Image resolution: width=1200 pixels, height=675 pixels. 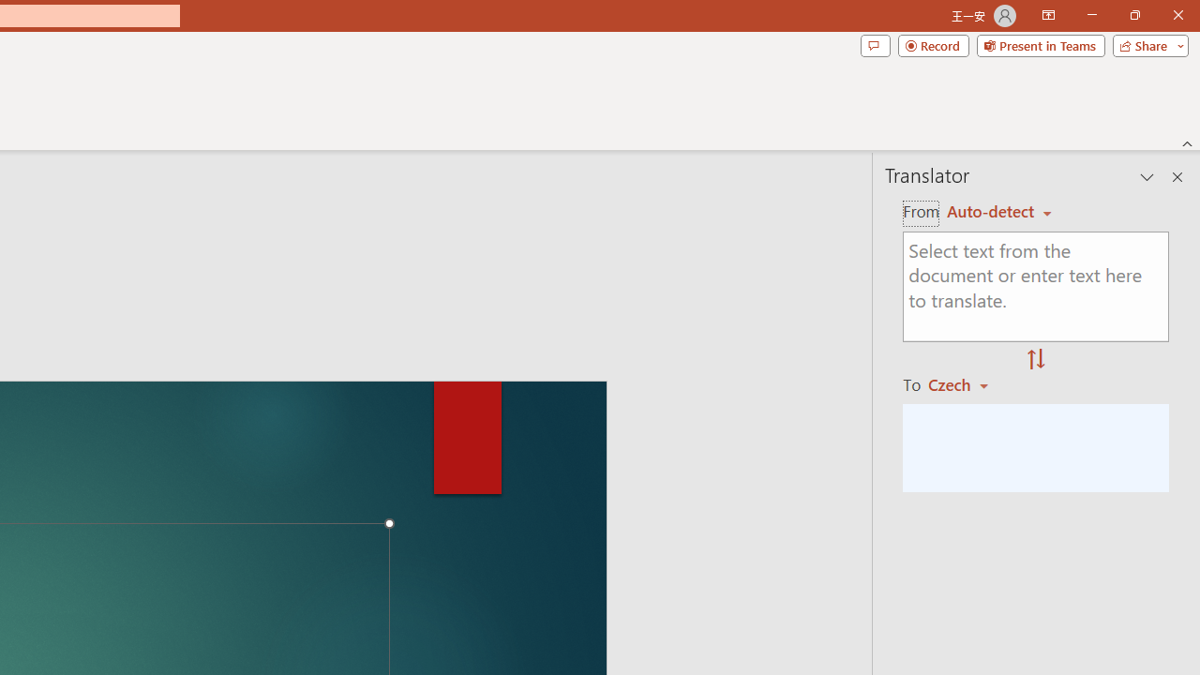 What do you see at coordinates (967, 383) in the screenshot?
I see `'Czech'` at bounding box center [967, 383].